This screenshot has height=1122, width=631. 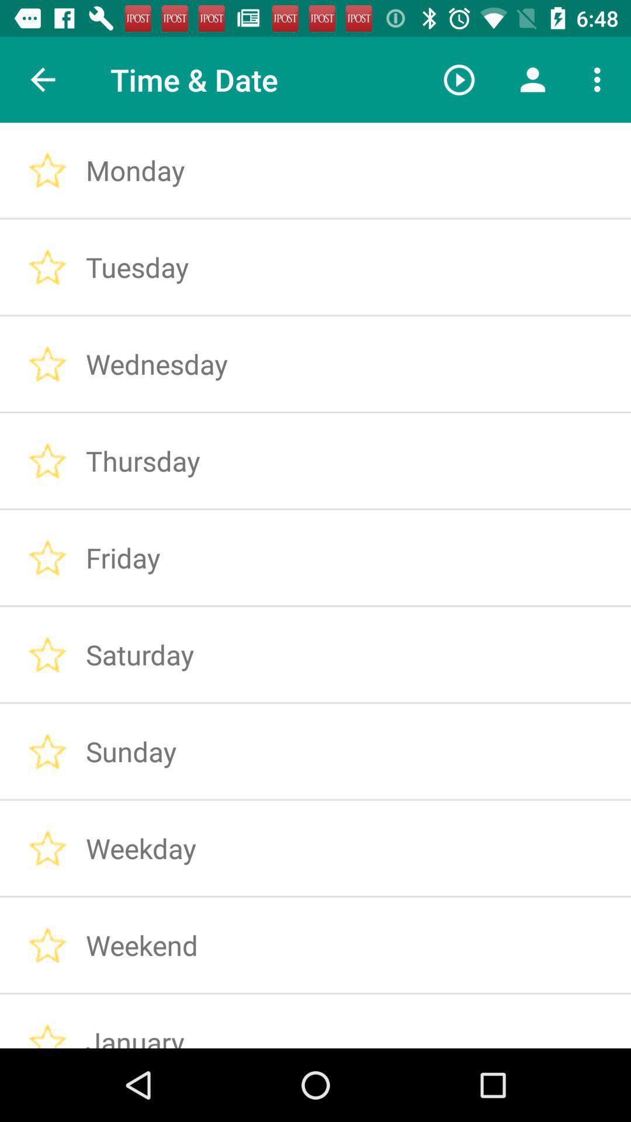 I want to click on the item to the left of time & date item, so click(x=42, y=79).